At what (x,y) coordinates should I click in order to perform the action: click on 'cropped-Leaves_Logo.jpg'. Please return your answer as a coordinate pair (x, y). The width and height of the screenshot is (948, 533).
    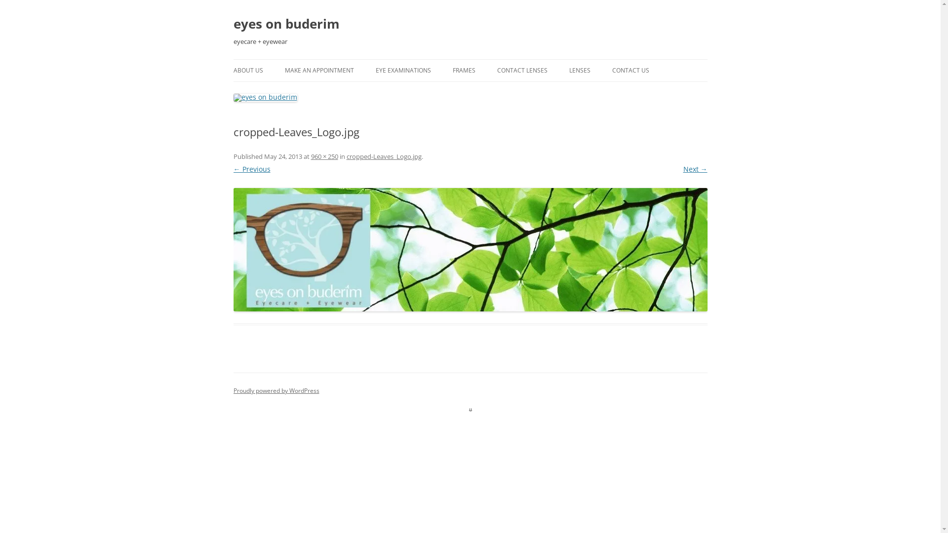
    Looking at the image, I should click on (469, 249).